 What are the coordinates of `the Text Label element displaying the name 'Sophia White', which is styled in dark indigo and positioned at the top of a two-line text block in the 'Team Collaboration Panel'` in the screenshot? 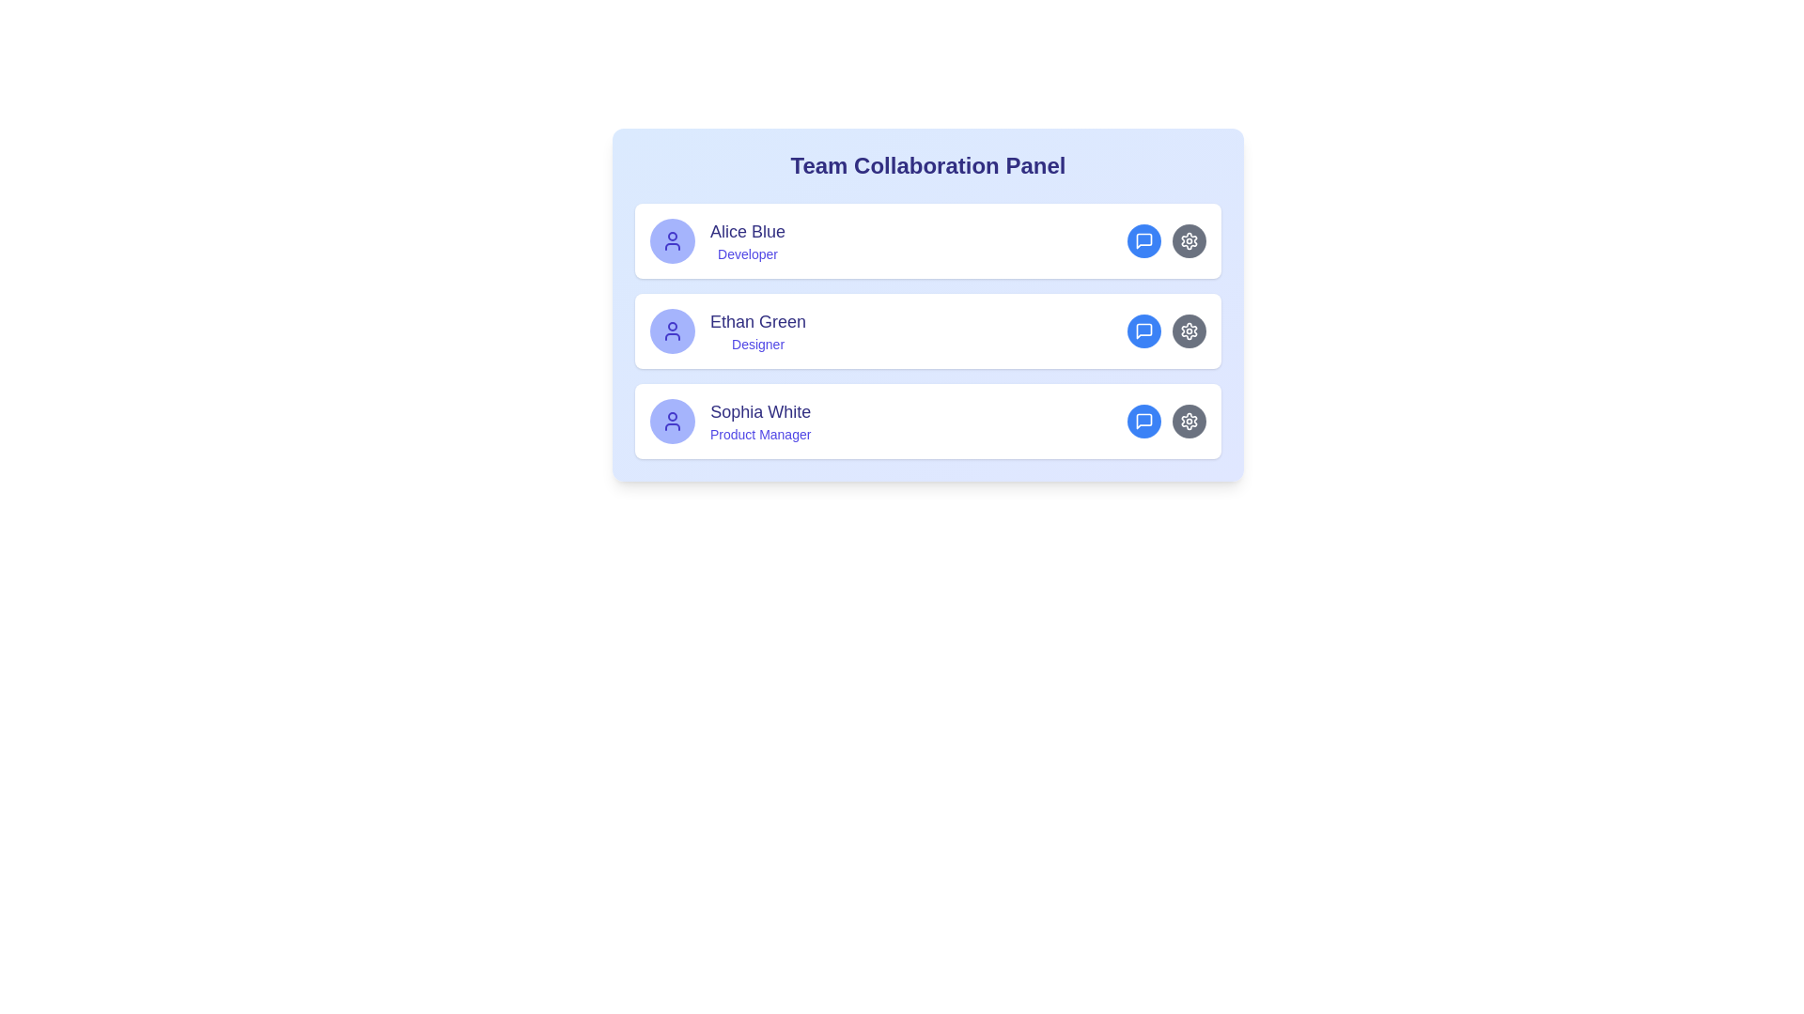 It's located at (760, 411).